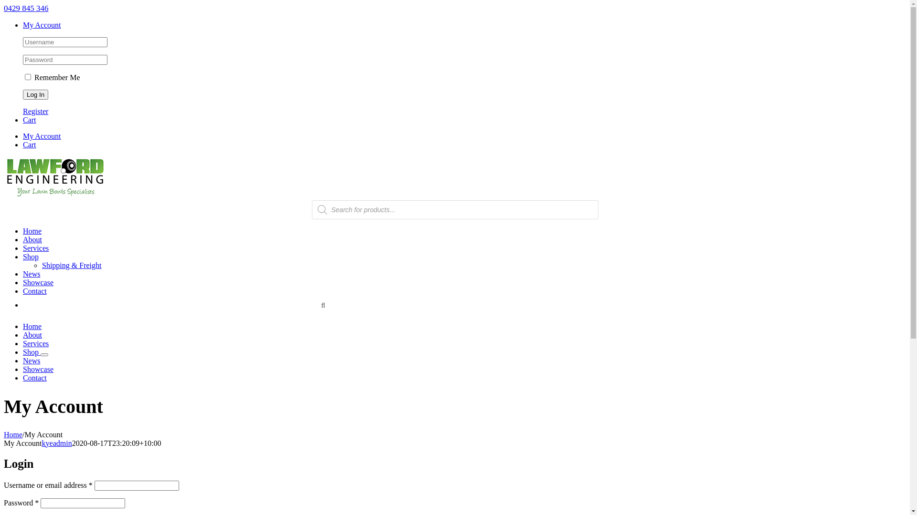  Describe the element at coordinates (31, 256) in the screenshot. I see `'Shop'` at that location.